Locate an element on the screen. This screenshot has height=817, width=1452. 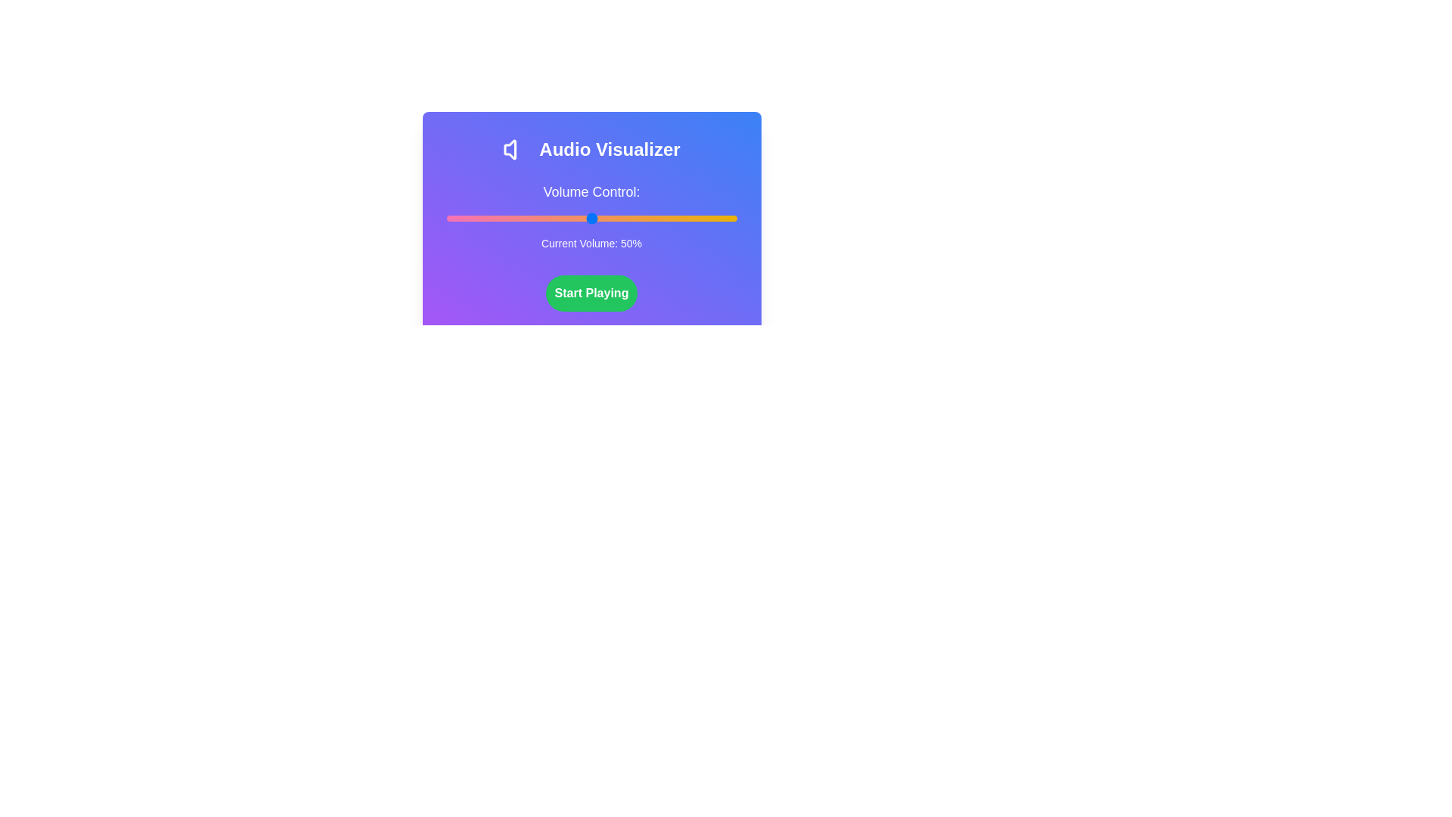
the volume level is located at coordinates (678, 219).